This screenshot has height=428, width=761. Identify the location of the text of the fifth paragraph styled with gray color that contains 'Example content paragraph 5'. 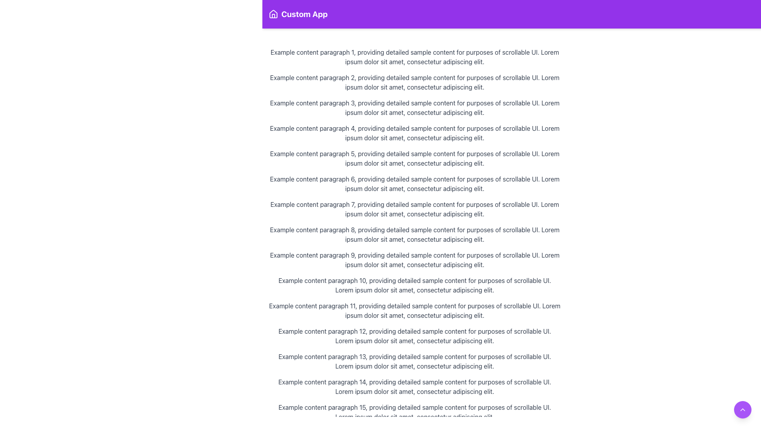
(414, 159).